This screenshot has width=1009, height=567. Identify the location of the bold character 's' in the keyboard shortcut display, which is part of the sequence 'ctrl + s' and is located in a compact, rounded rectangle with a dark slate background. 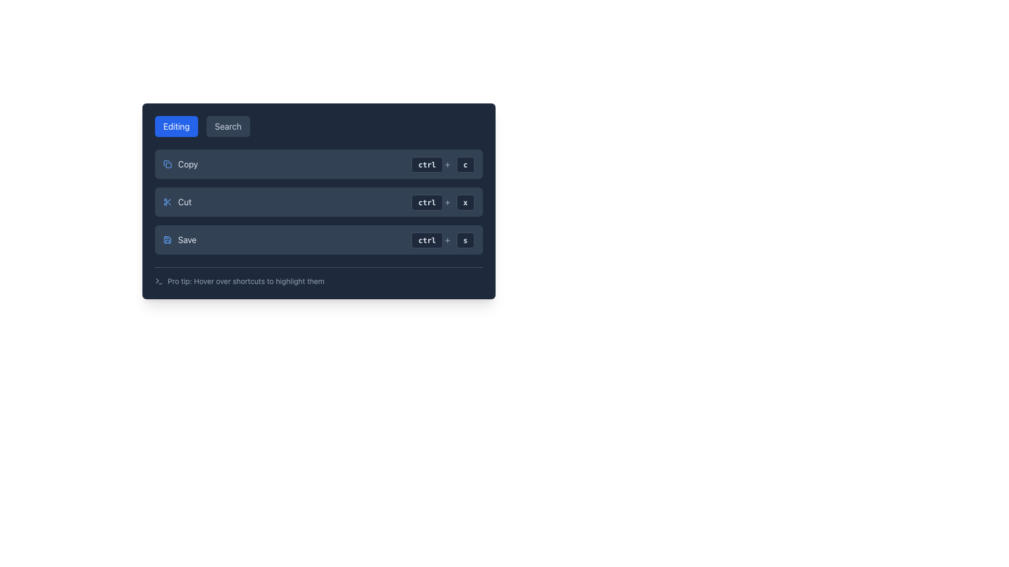
(465, 239).